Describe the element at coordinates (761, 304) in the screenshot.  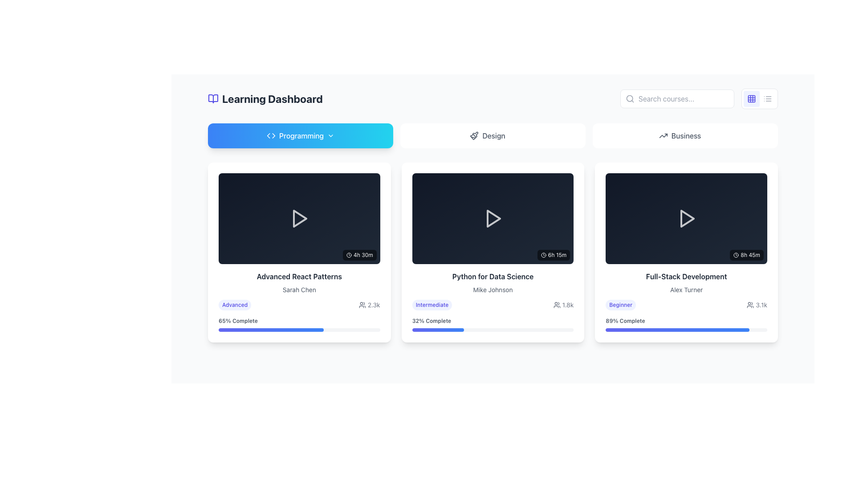
I see `text label displaying the number of users interested in the Full-Stack Development course, which is located to the immediate right of the user icon in the last card of the Programming section` at that location.